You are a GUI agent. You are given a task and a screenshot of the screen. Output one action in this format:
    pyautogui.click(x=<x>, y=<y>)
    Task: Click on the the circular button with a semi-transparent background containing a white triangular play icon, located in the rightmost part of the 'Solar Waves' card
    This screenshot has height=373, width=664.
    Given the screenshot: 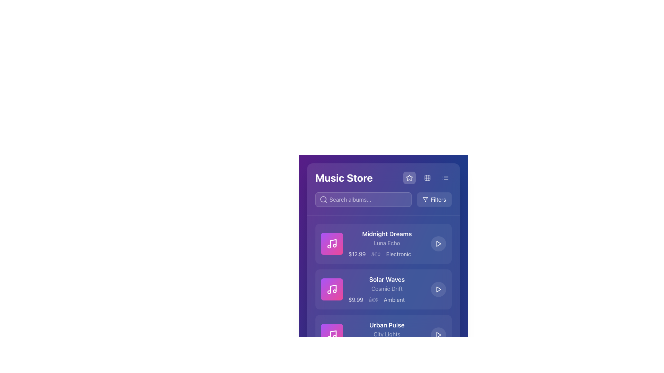 What is the action you would take?
    pyautogui.click(x=438, y=289)
    